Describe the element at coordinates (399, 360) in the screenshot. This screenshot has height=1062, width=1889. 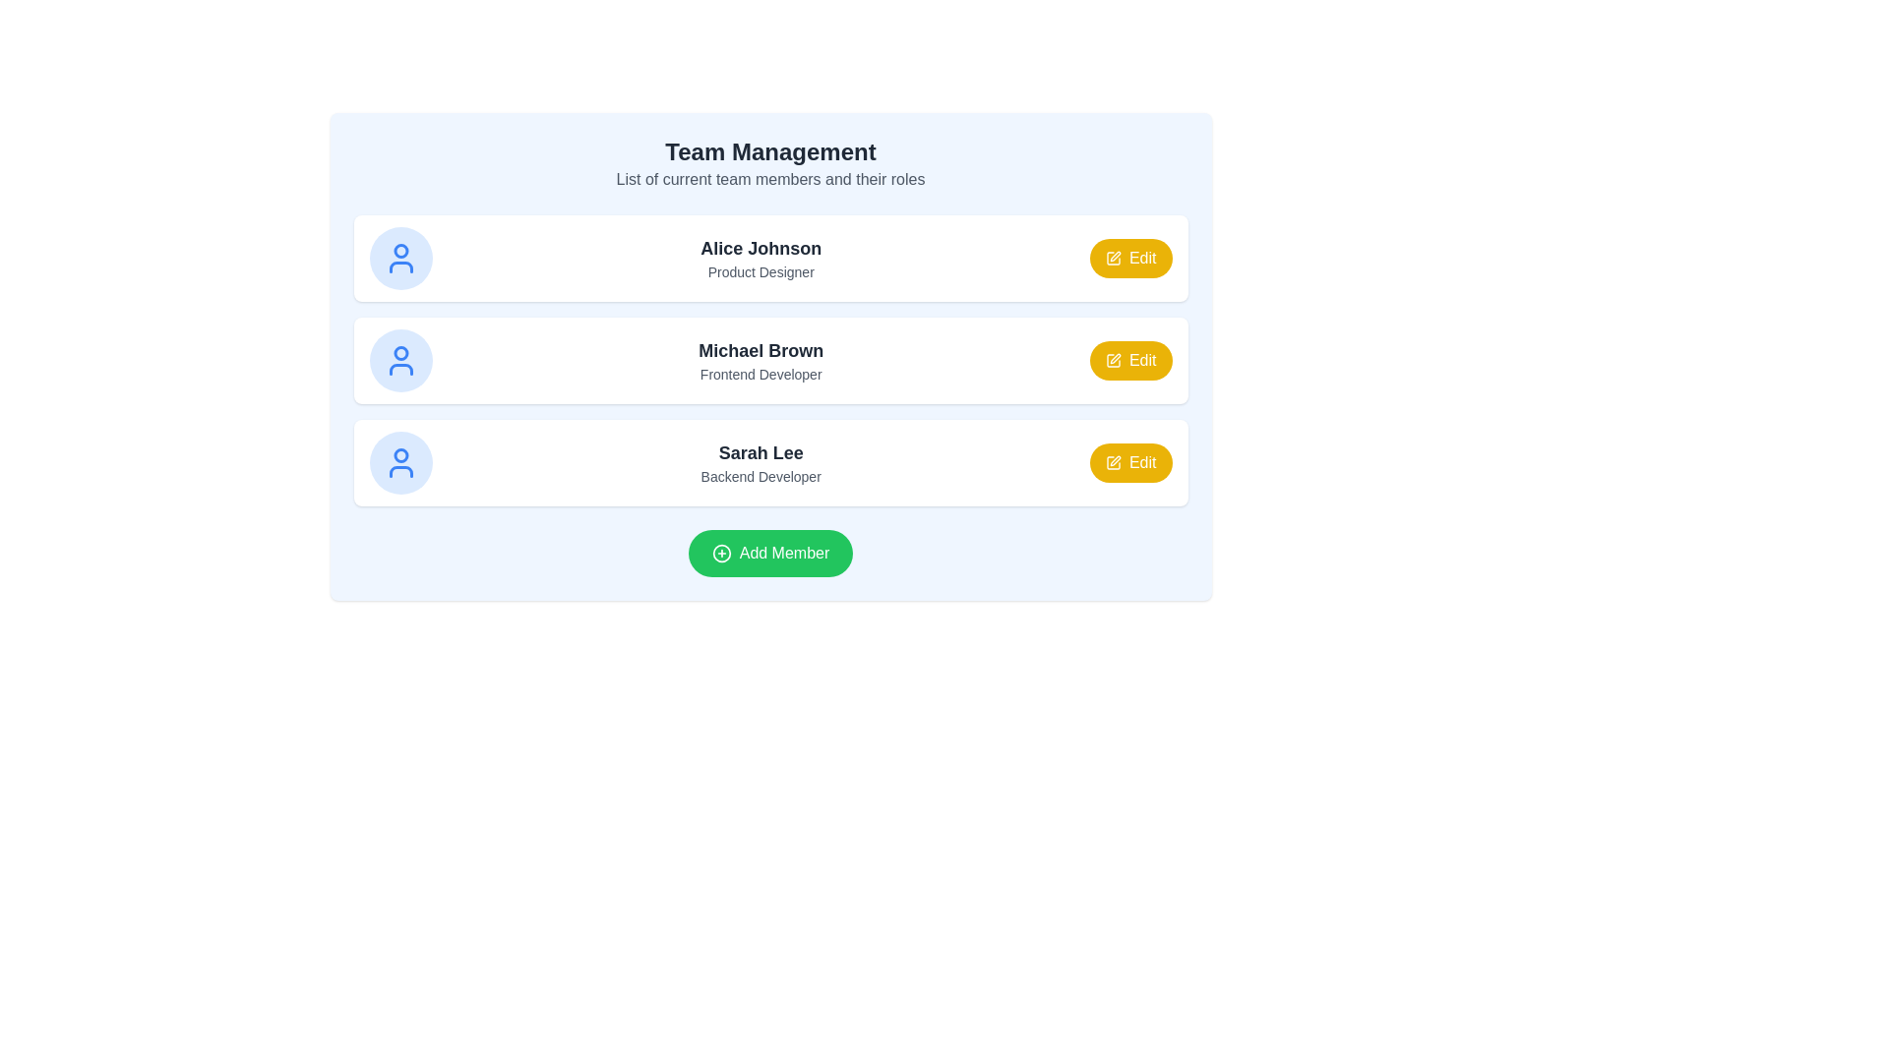
I see `the icon representing 'Michael Brown', which is the second icon in a vertical list of team member avatars within a circular blue background` at that location.